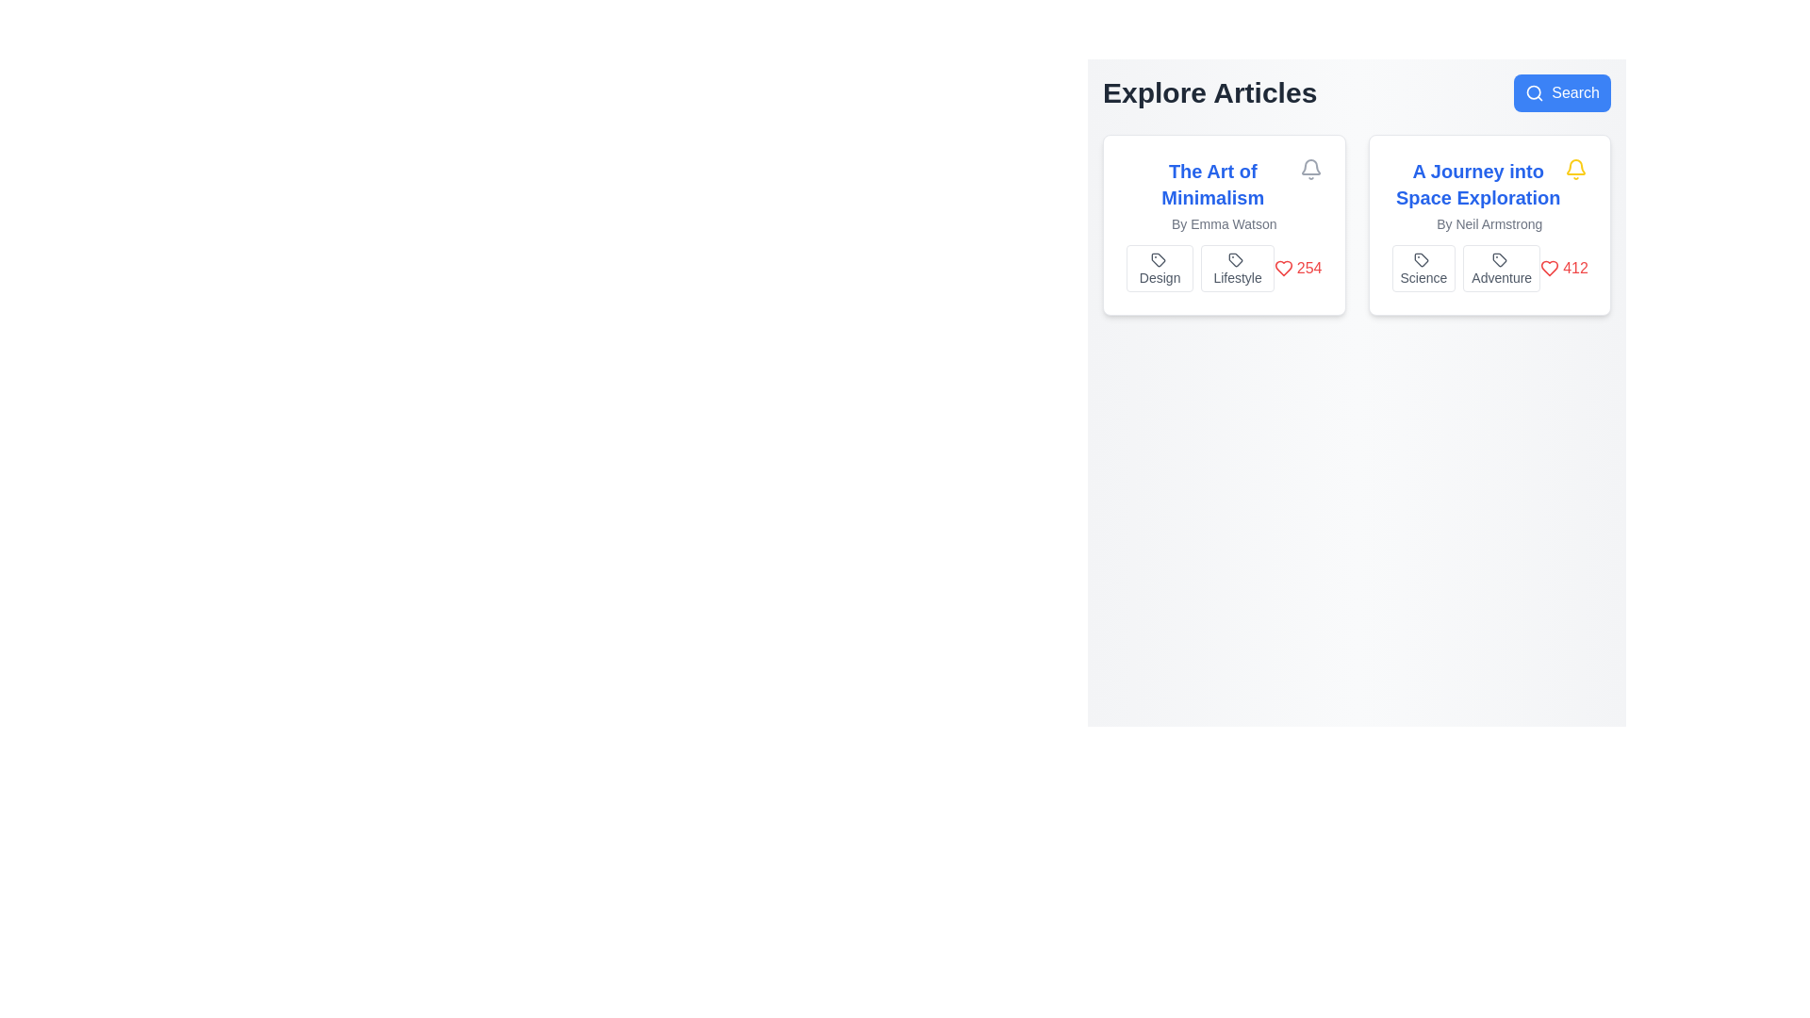  Describe the element at coordinates (1212, 185) in the screenshot. I see `text label or heading that serves as the title for the associated article, located at the top-left corner of a rectangular card element in the upper-right section of the interface` at that location.